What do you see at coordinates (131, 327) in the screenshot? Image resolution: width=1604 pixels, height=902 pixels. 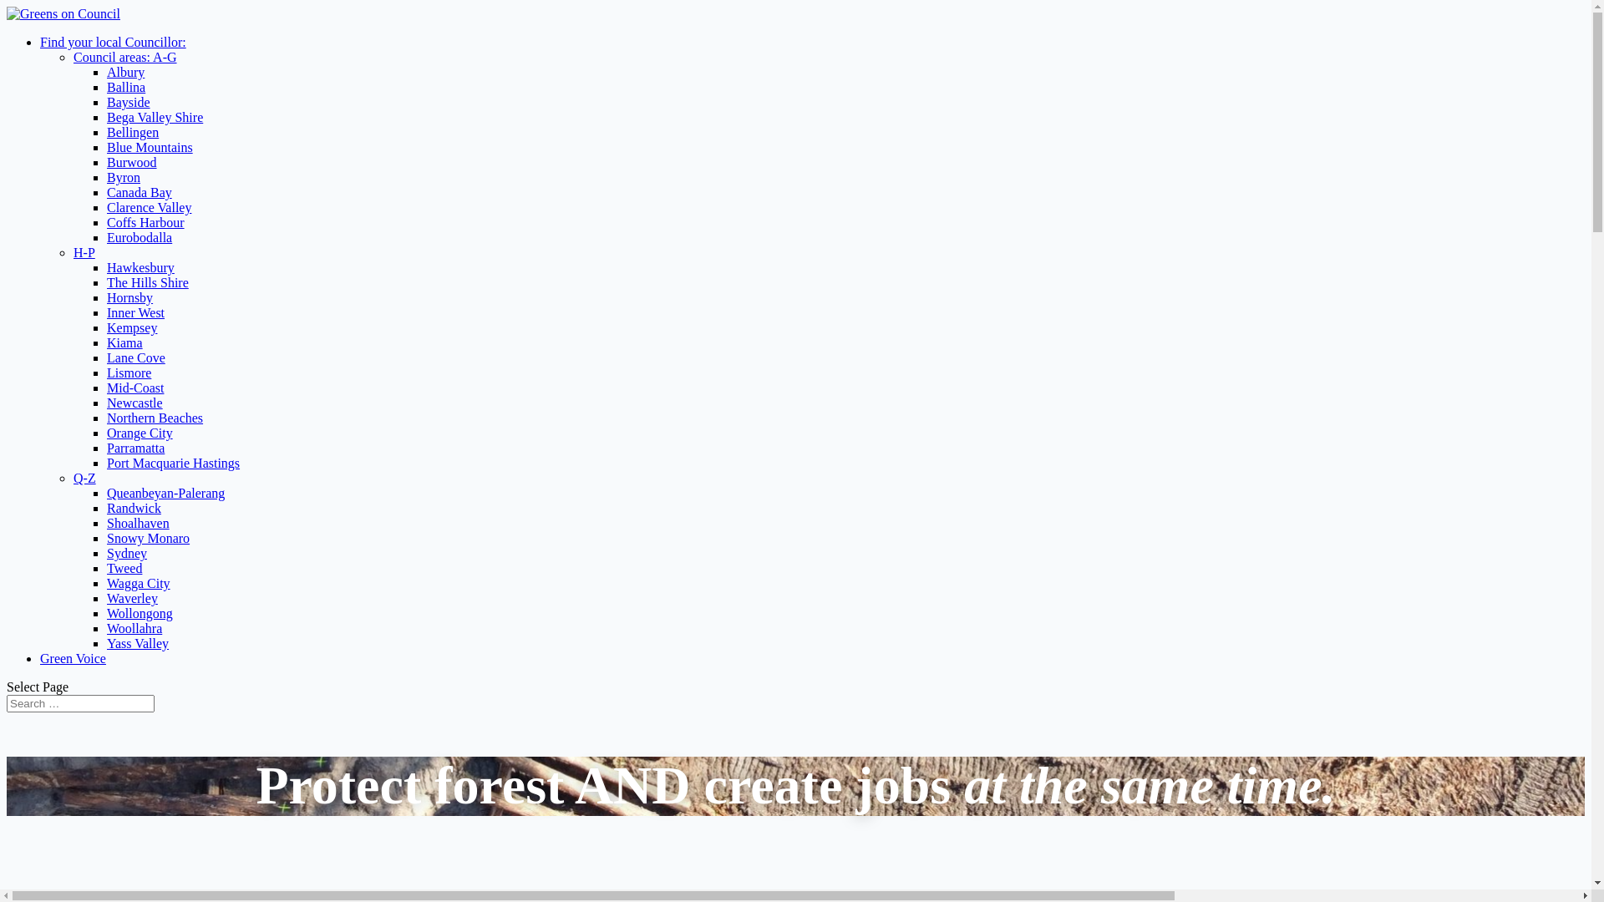 I see `'Kempsey'` at bounding box center [131, 327].